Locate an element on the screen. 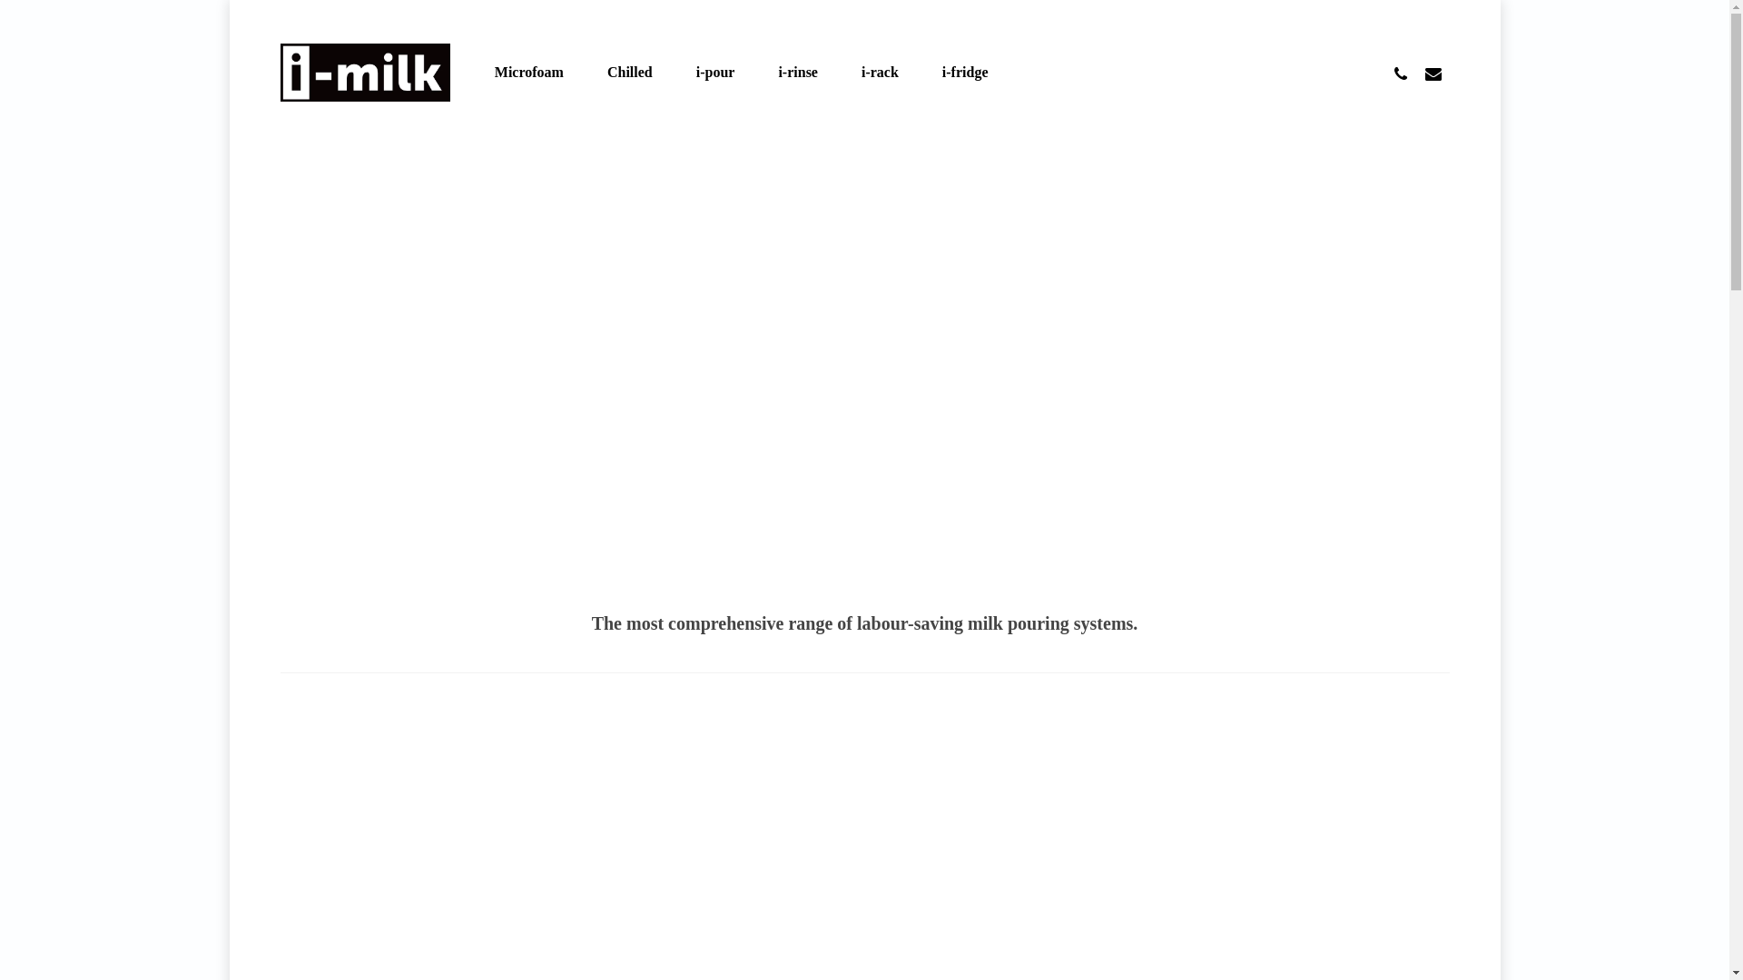 Image resolution: width=1743 pixels, height=980 pixels. 'Chilled' is located at coordinates (630, 72).